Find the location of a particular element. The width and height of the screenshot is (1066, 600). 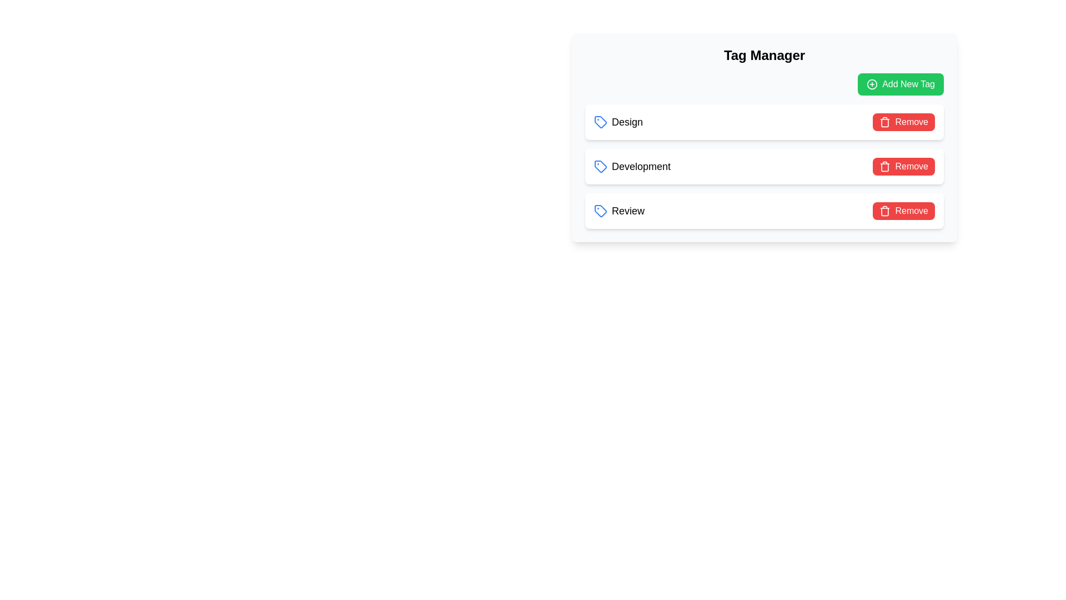

the red 'Remove' button with a trash can icon to initiate the removal of the associated item is located at coordinates (903, 122).